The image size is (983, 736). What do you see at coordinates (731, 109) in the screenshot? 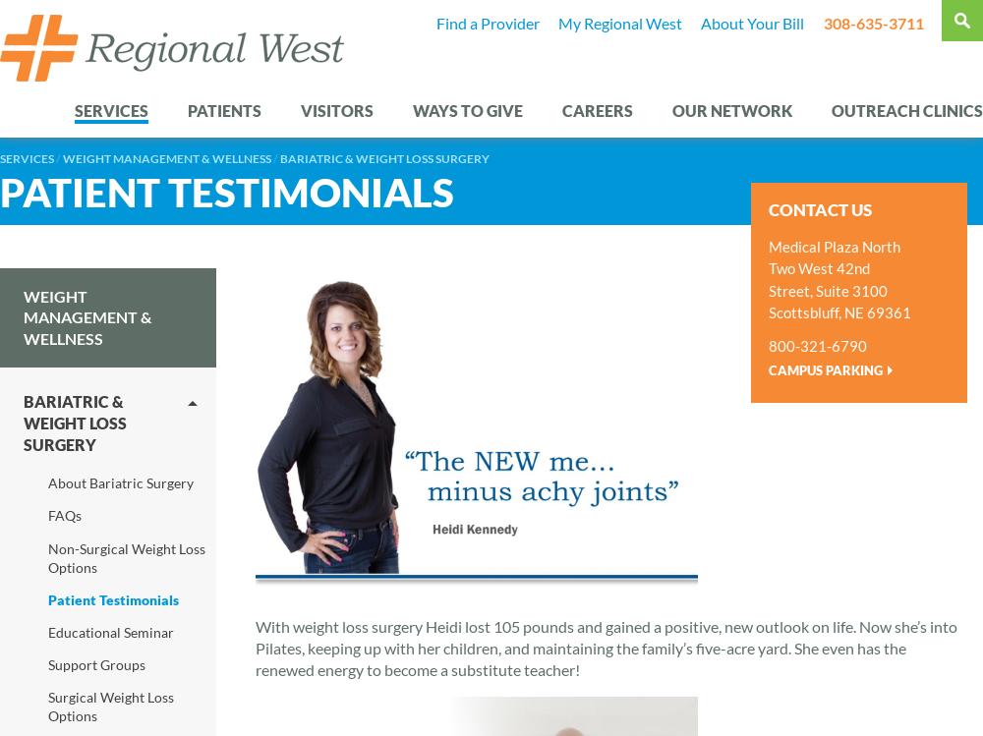
I see `'Our Network'` at bounding box center [731, 109].